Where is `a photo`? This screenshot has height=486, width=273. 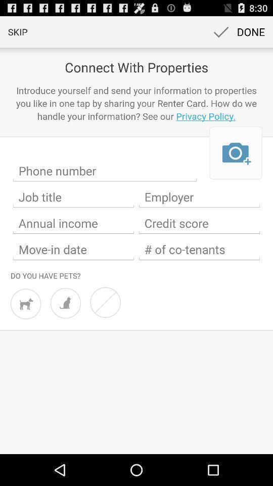 a photo is located at coordinates (236, 153).